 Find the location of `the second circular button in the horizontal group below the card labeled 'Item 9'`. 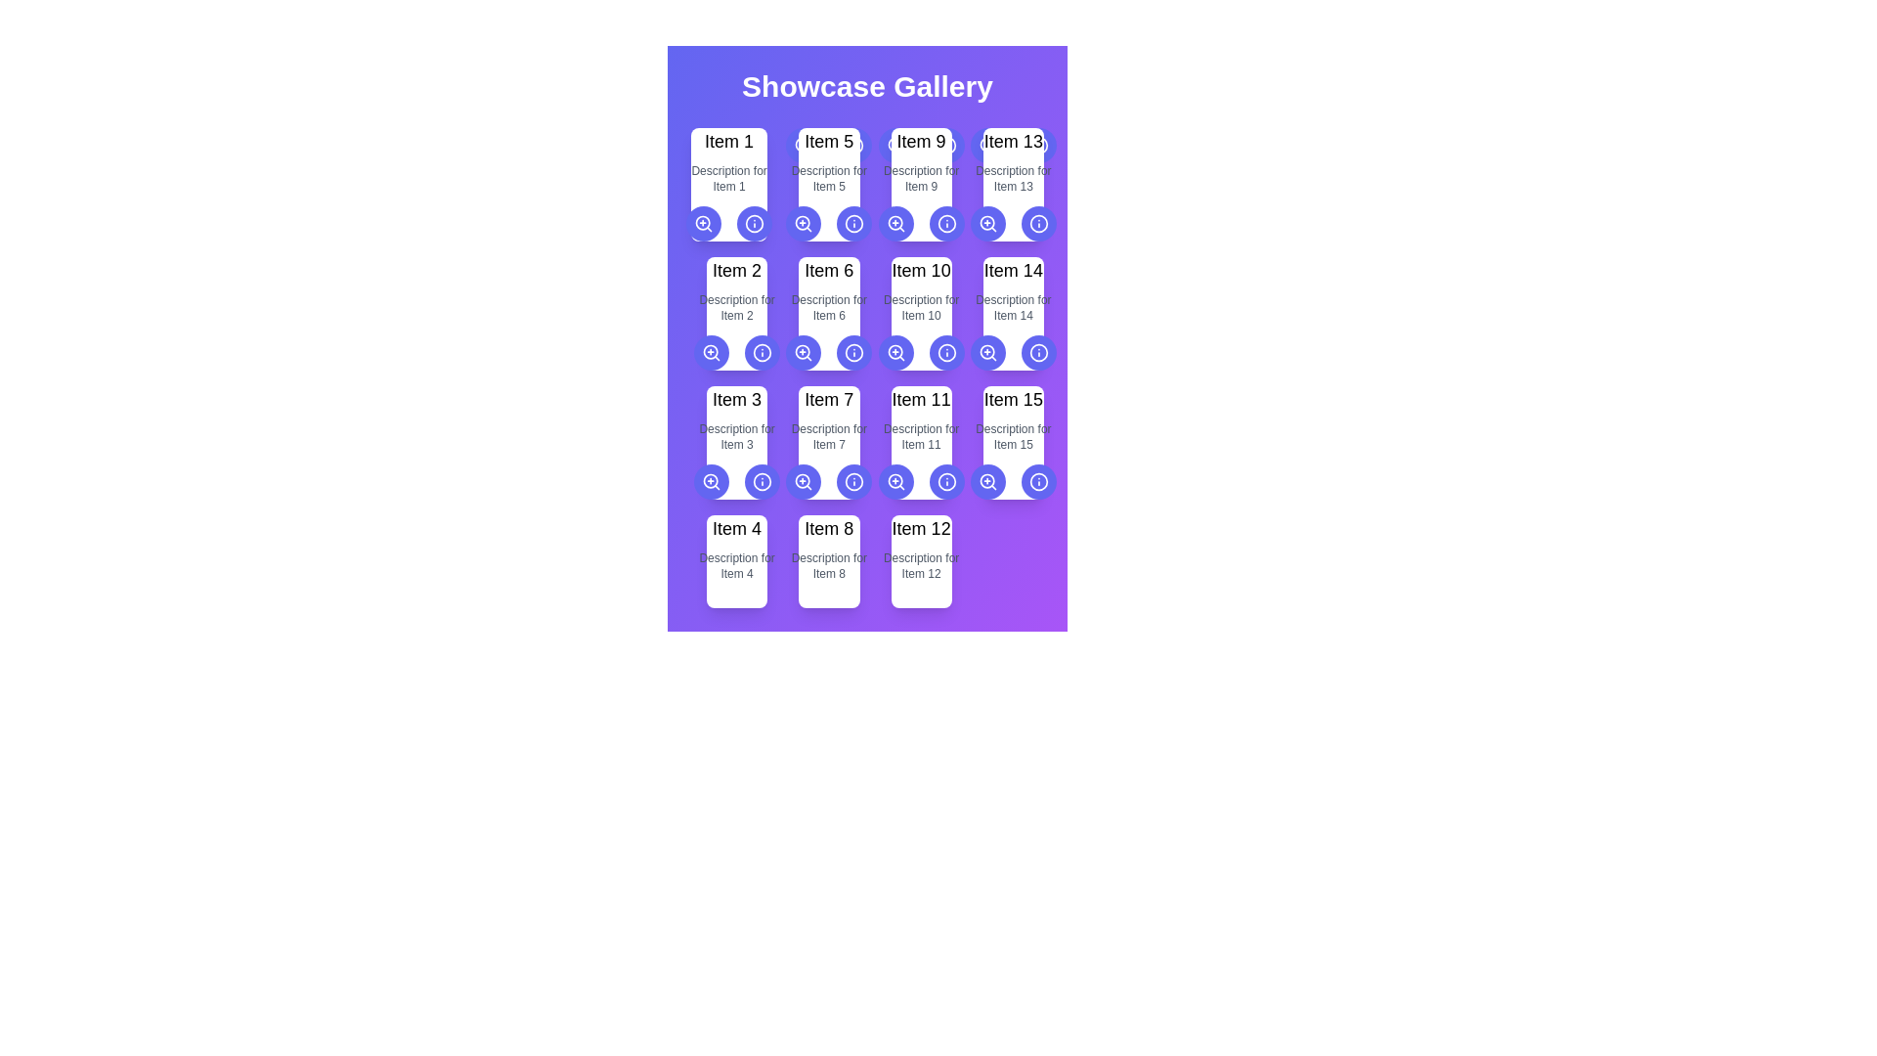

the second circular button in the horizontal group below the card labeled 'Item 9' is located at coordinates (946, 145).